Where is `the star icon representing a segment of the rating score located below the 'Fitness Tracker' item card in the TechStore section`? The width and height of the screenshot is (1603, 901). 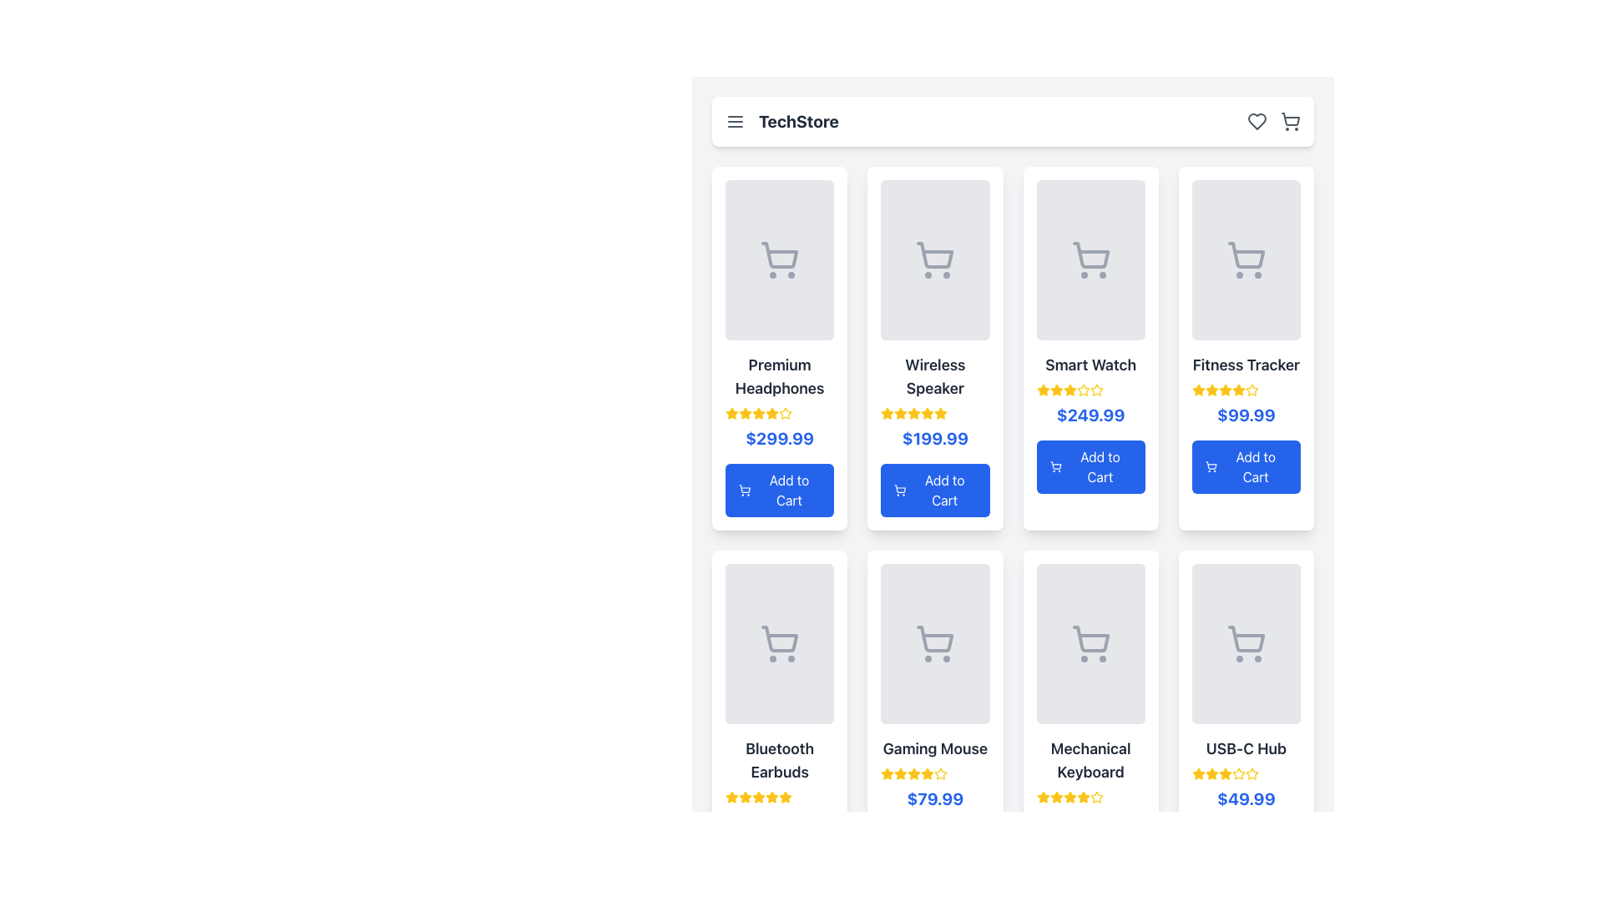
the star icon representing a segment of the rating score located below the 'Fitness Tracker' item card in the TechStore section is located at coordinates (1225, 390).